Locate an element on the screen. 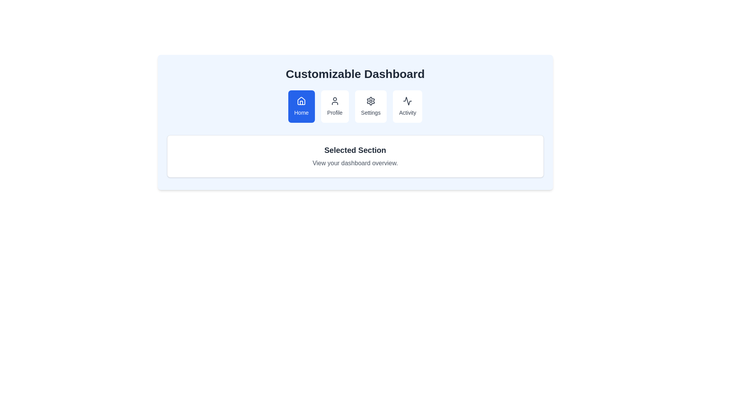  the 'Home' icon located at the top-left corner of the 'Home' button in the dashboard is located at coordinates (301, 101).